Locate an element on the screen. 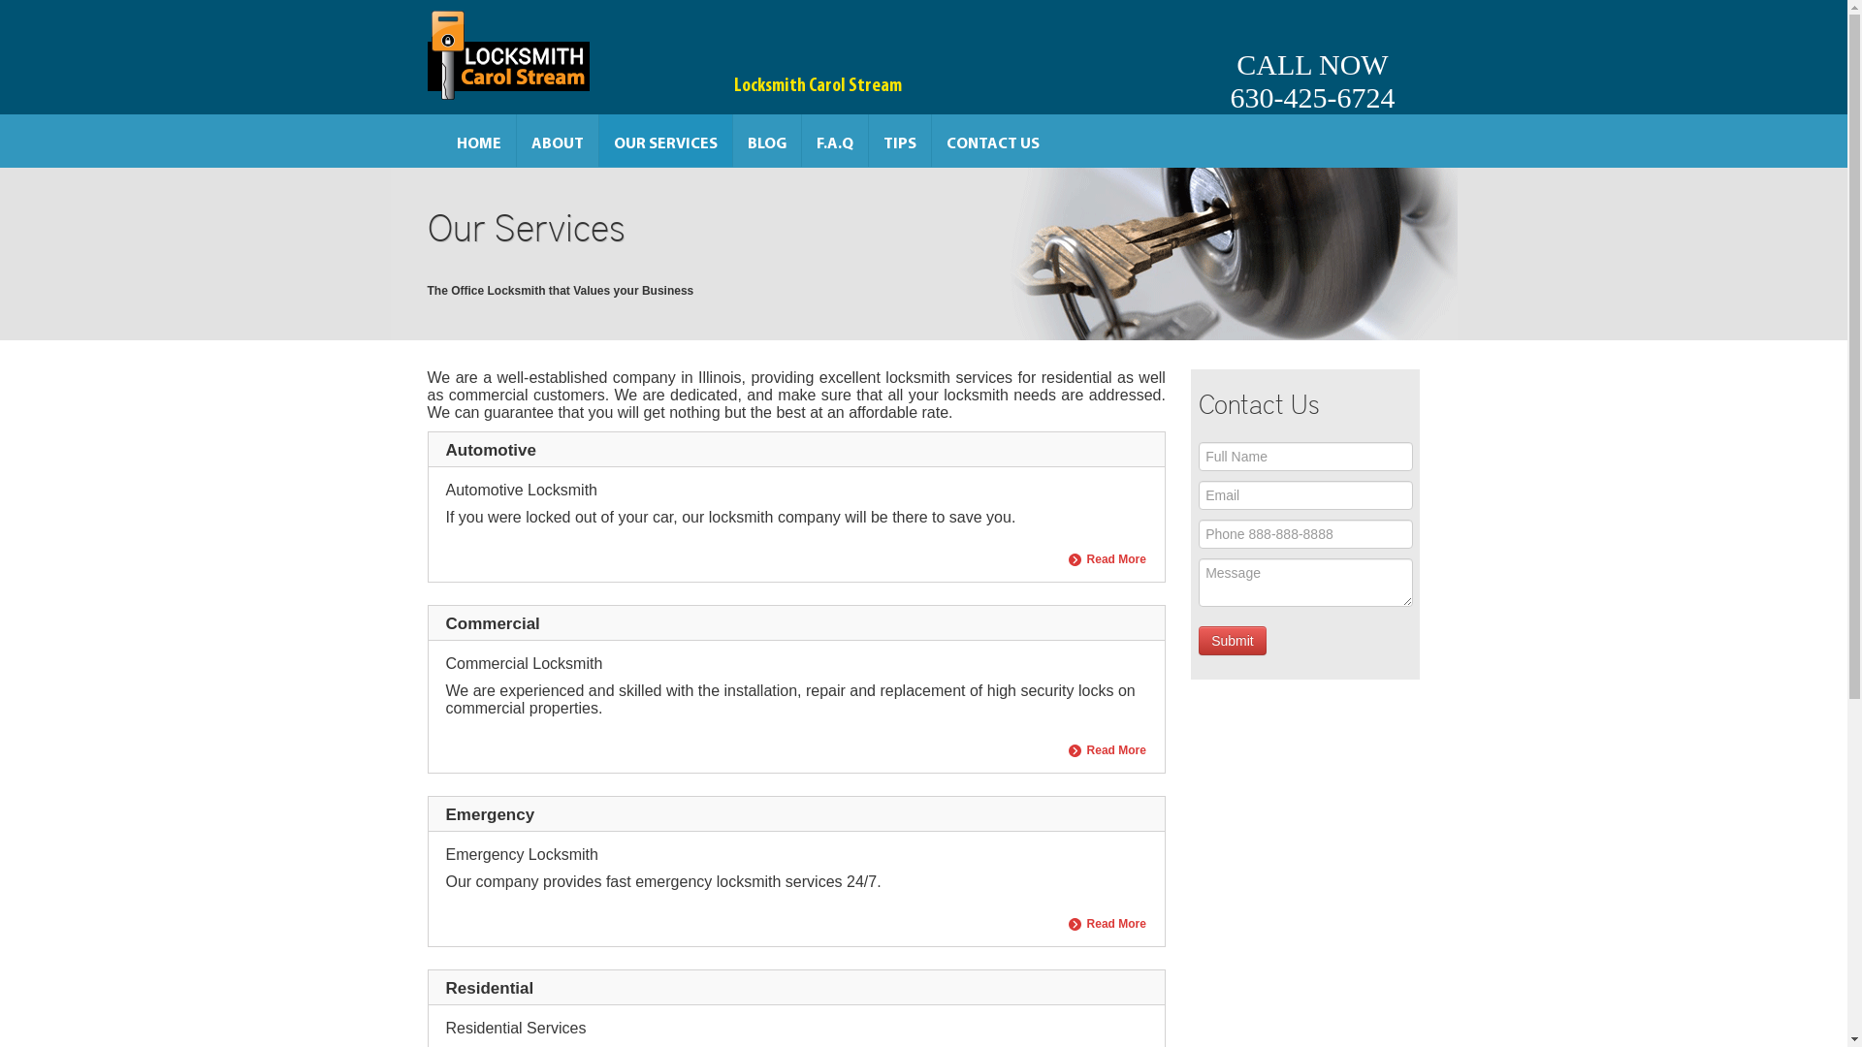 This screenshot has width=1862, height=1047. 'Read More' is located at coordinates (1068, 923).